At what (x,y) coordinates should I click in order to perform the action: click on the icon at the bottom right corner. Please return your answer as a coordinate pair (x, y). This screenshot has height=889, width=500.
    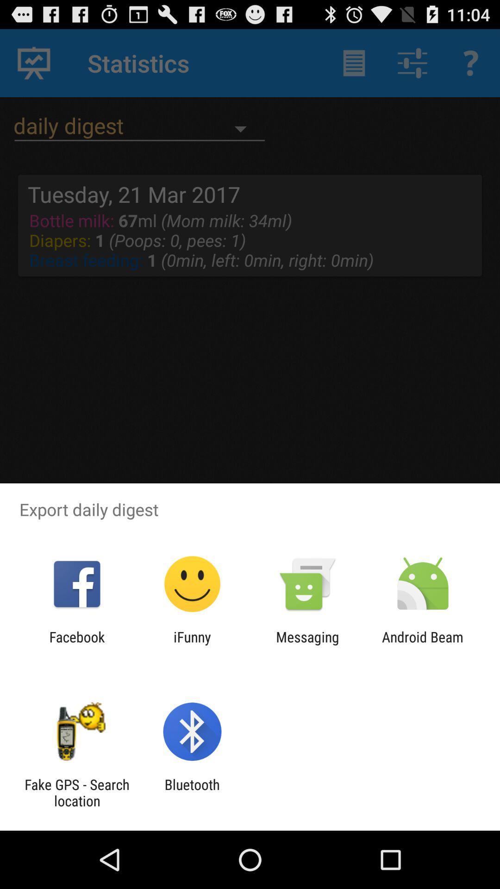
    Looking at the image, I should click on (423, 645).